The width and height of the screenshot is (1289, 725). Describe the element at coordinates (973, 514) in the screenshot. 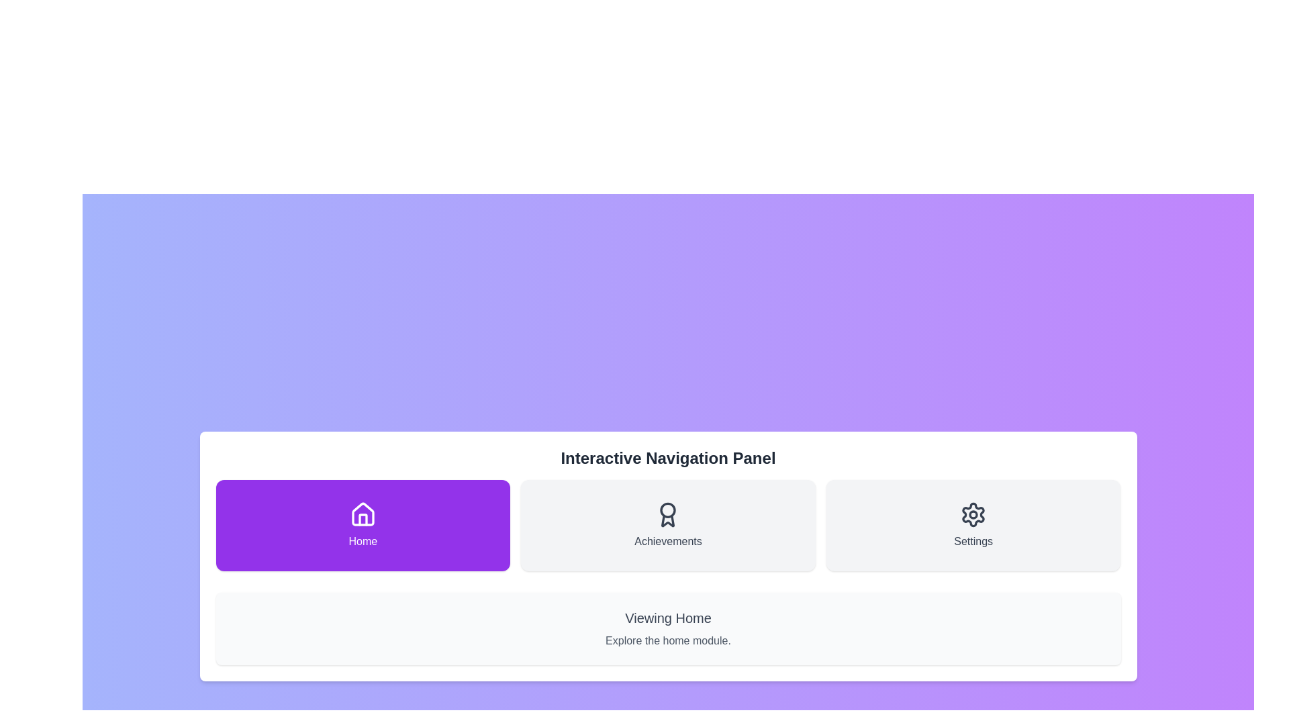

I see `the gear icon located` at that location.